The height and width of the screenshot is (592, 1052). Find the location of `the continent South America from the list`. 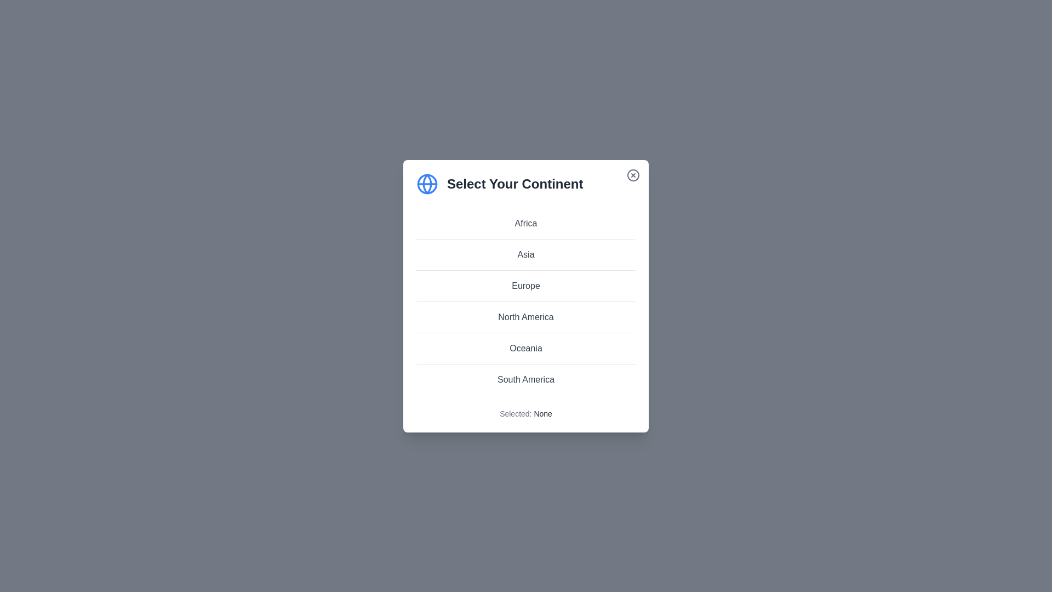

the continent South America from the list is located at coordinates (526, 378).